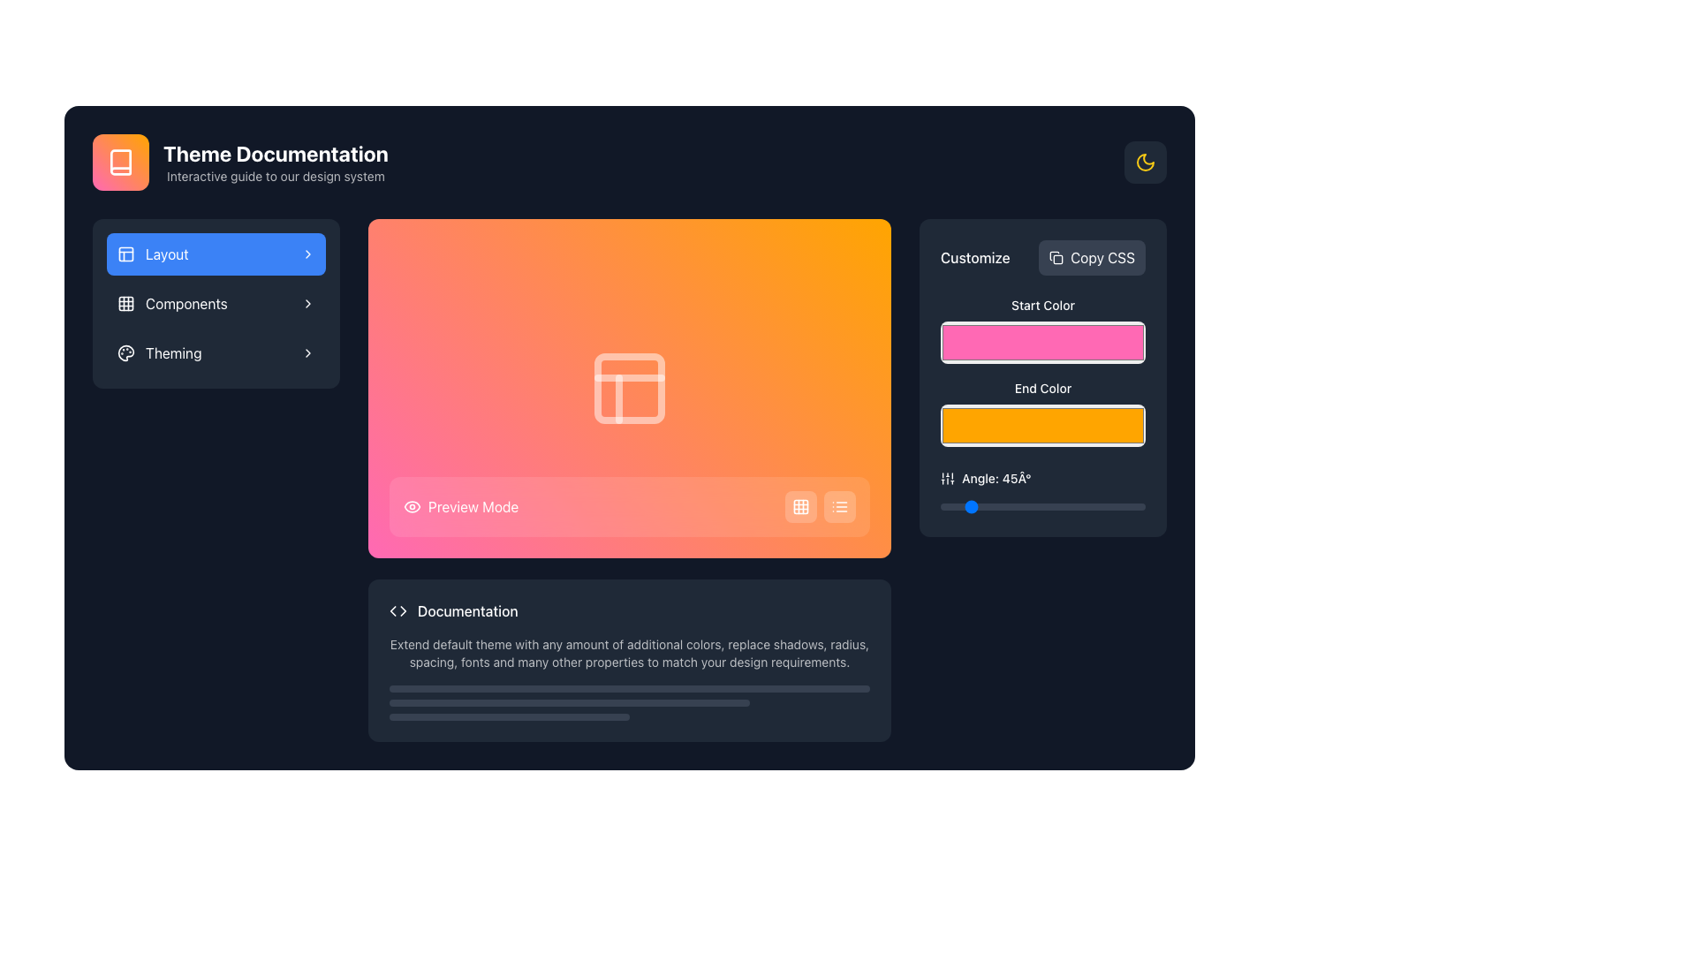 The image size is (1696, 954). I want to click on the 'Copy CSS' text label, which is displayed in a white sans-serif font within a dark gray button-like area in the top-right section of the interface, so click(1102, 258).